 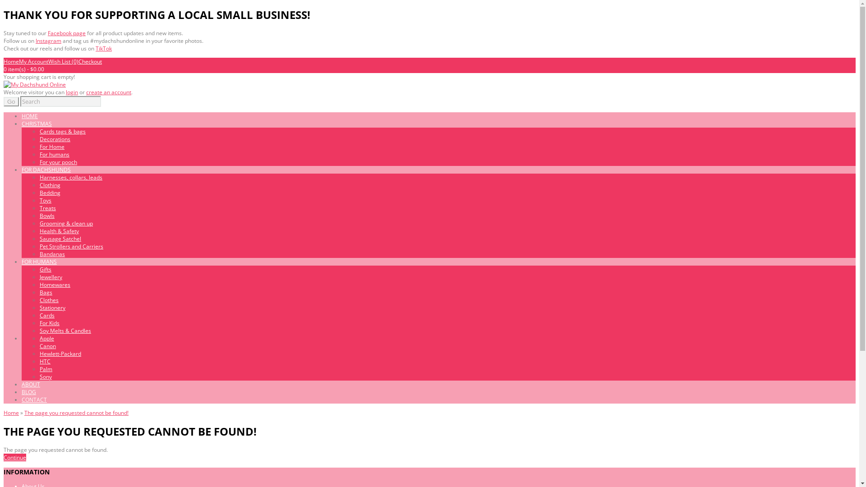 I want to click on 'For your pooch', so click(x=58, y=161).